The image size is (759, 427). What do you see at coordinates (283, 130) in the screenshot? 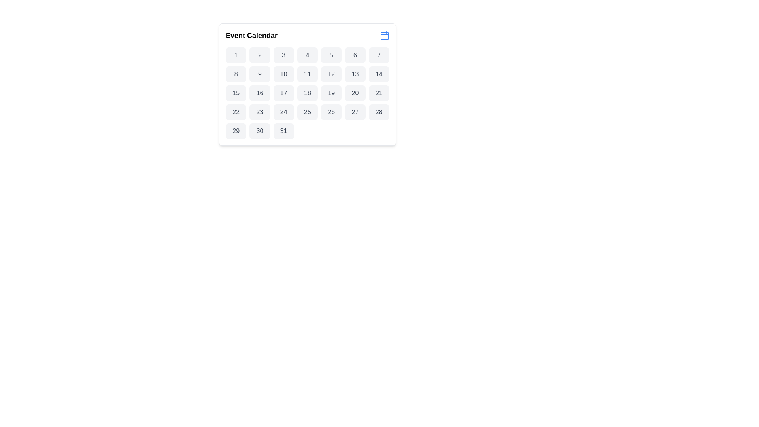
I see `the button displaying the number 31 in the Event Calendar` at bounding box center [283, 130].